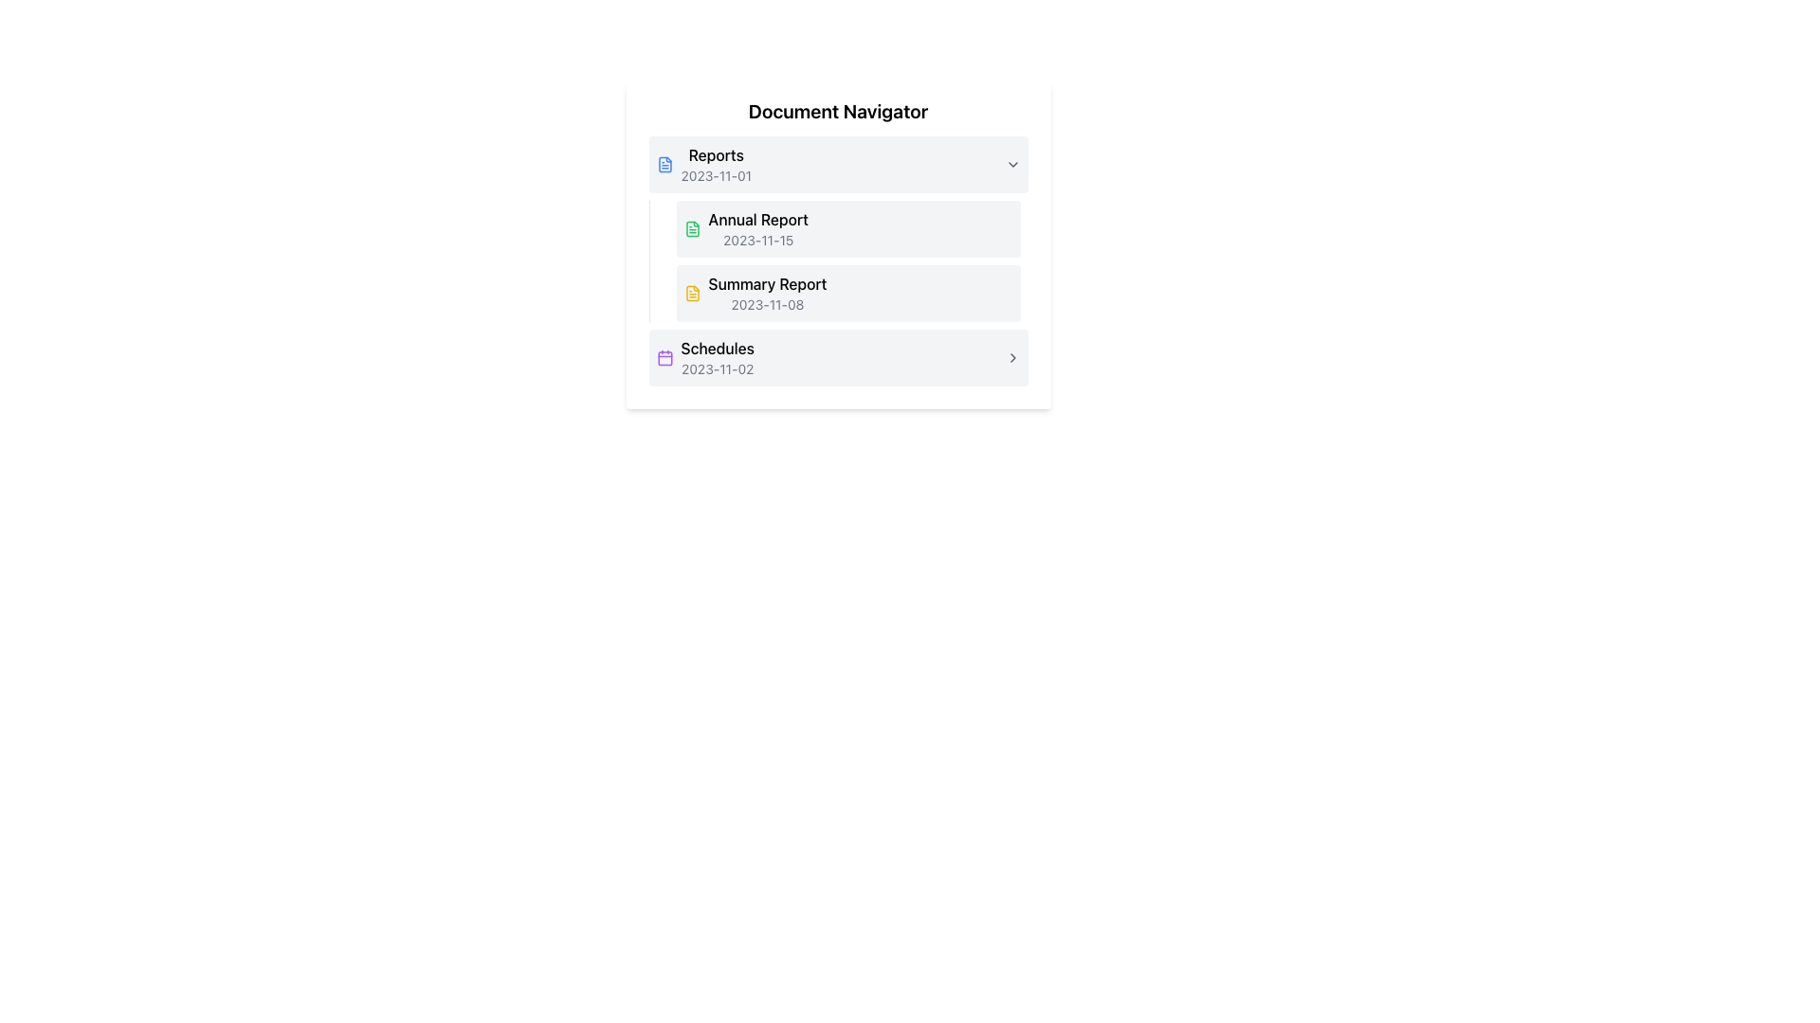 This screenshot has height=1023, width=1820. Describe the element at coordinates (846, 293) in the screenshot. I see `the 'Summary Report' menu item, which is the second item under the 'Reports' section` at that location.